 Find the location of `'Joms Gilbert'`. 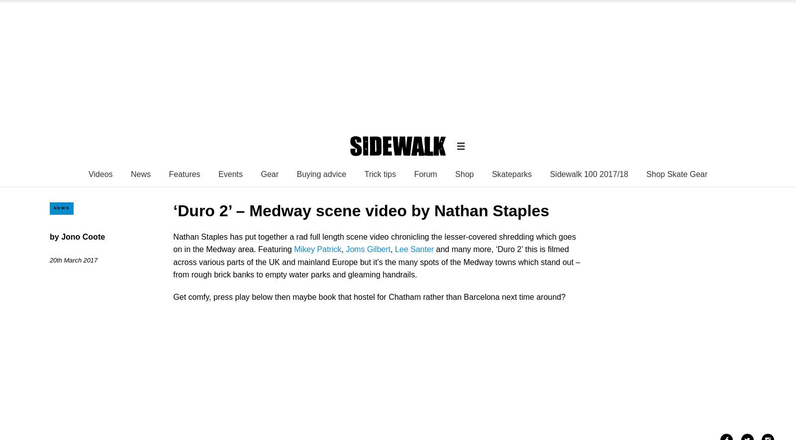

'Joms Gilbert' is located at coordinates (368, 249).